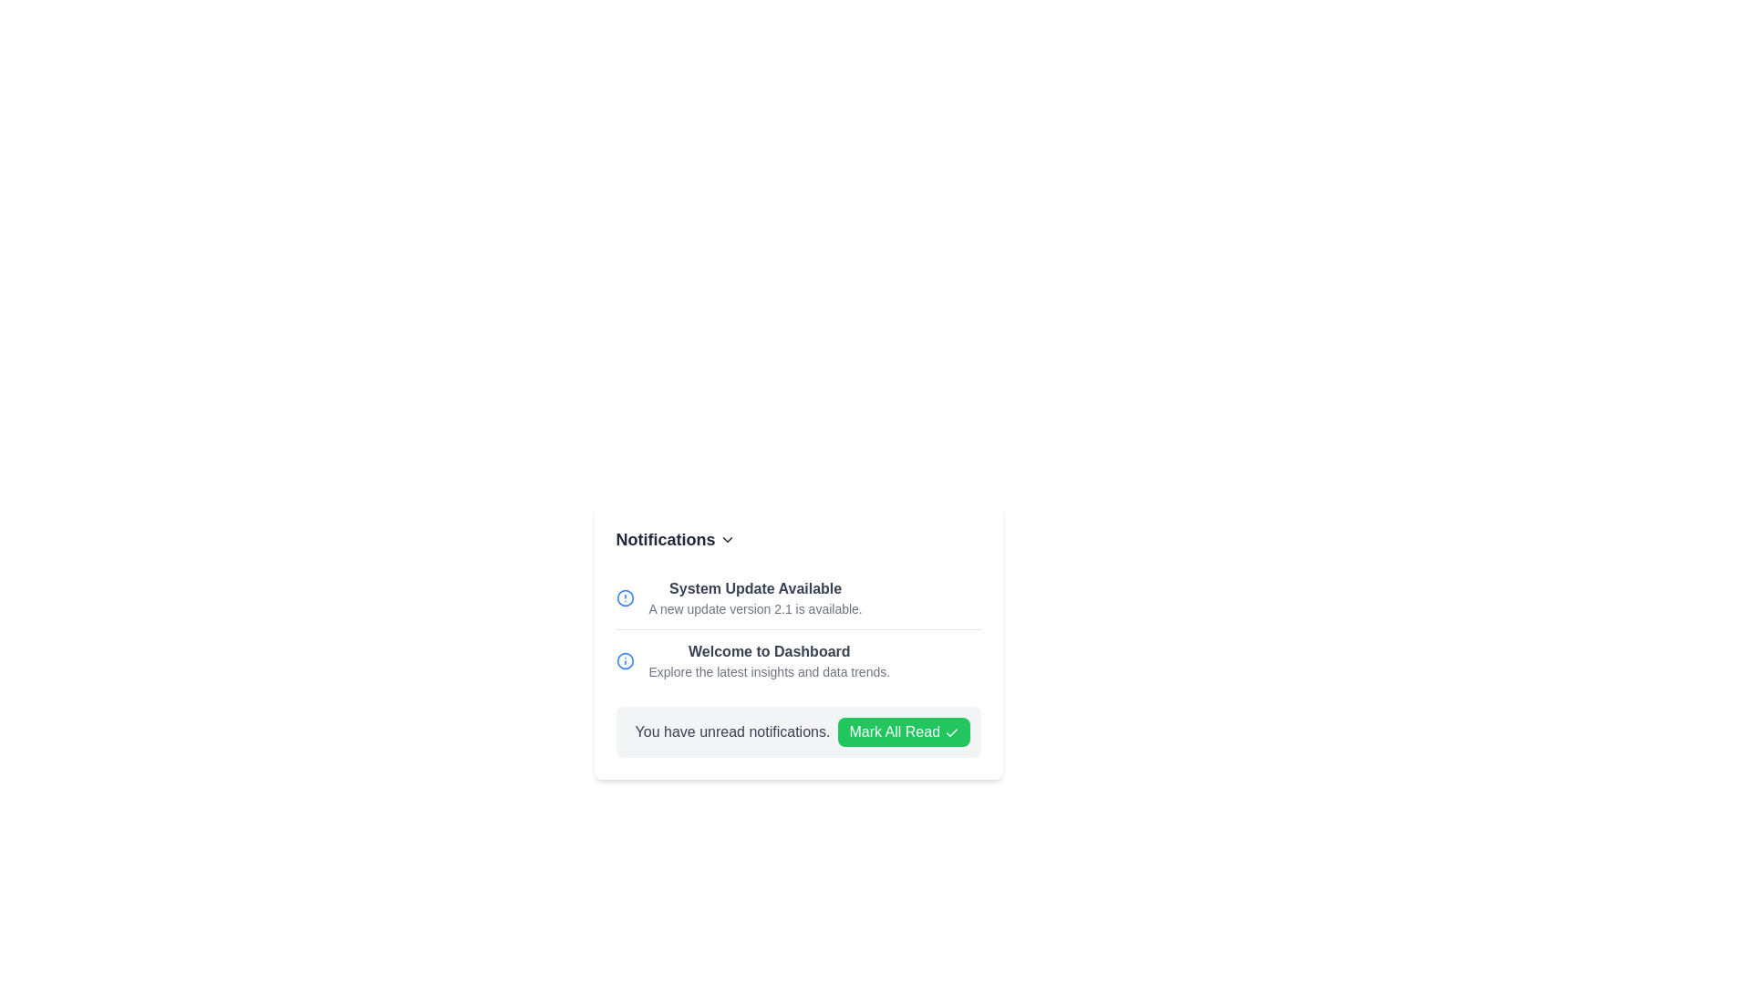  I want to click on heading and subtitle of the notification text block that informs the user about the new system update (version 2.1), positioned as the first entry within the notification dropdown, so click(755, 597).